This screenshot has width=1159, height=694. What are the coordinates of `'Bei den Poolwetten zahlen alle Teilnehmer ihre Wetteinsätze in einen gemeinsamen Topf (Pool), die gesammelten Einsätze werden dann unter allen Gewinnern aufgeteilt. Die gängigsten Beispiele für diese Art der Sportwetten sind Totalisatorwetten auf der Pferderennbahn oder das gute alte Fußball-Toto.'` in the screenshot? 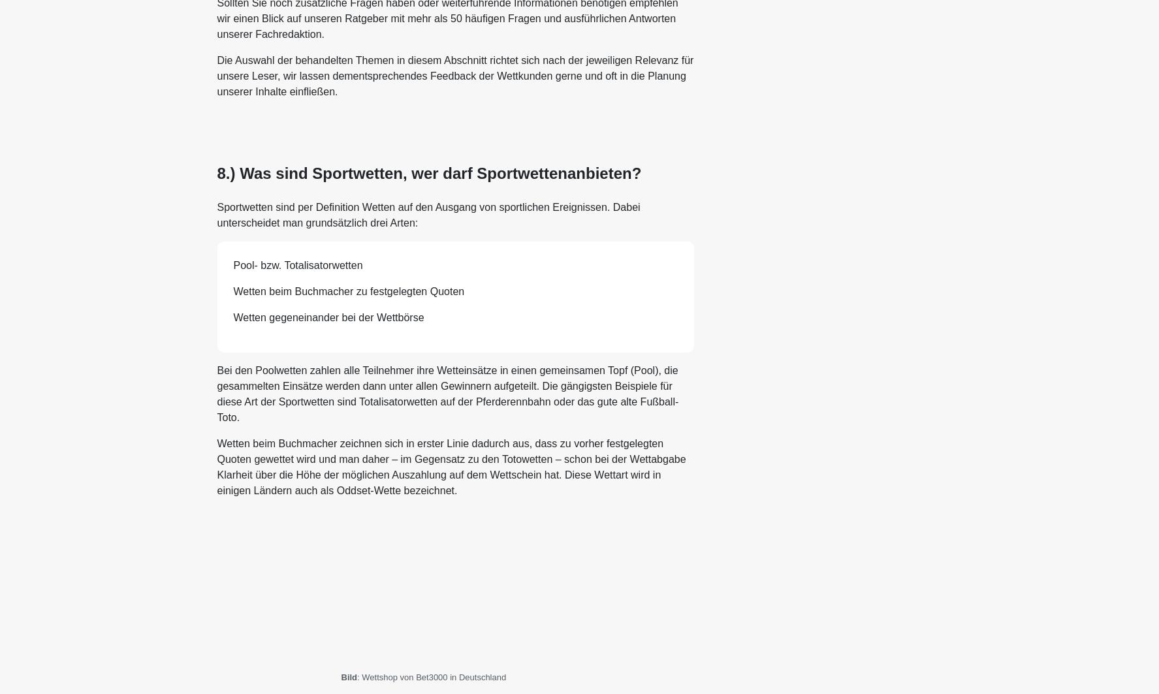 It's located at (447, 392).